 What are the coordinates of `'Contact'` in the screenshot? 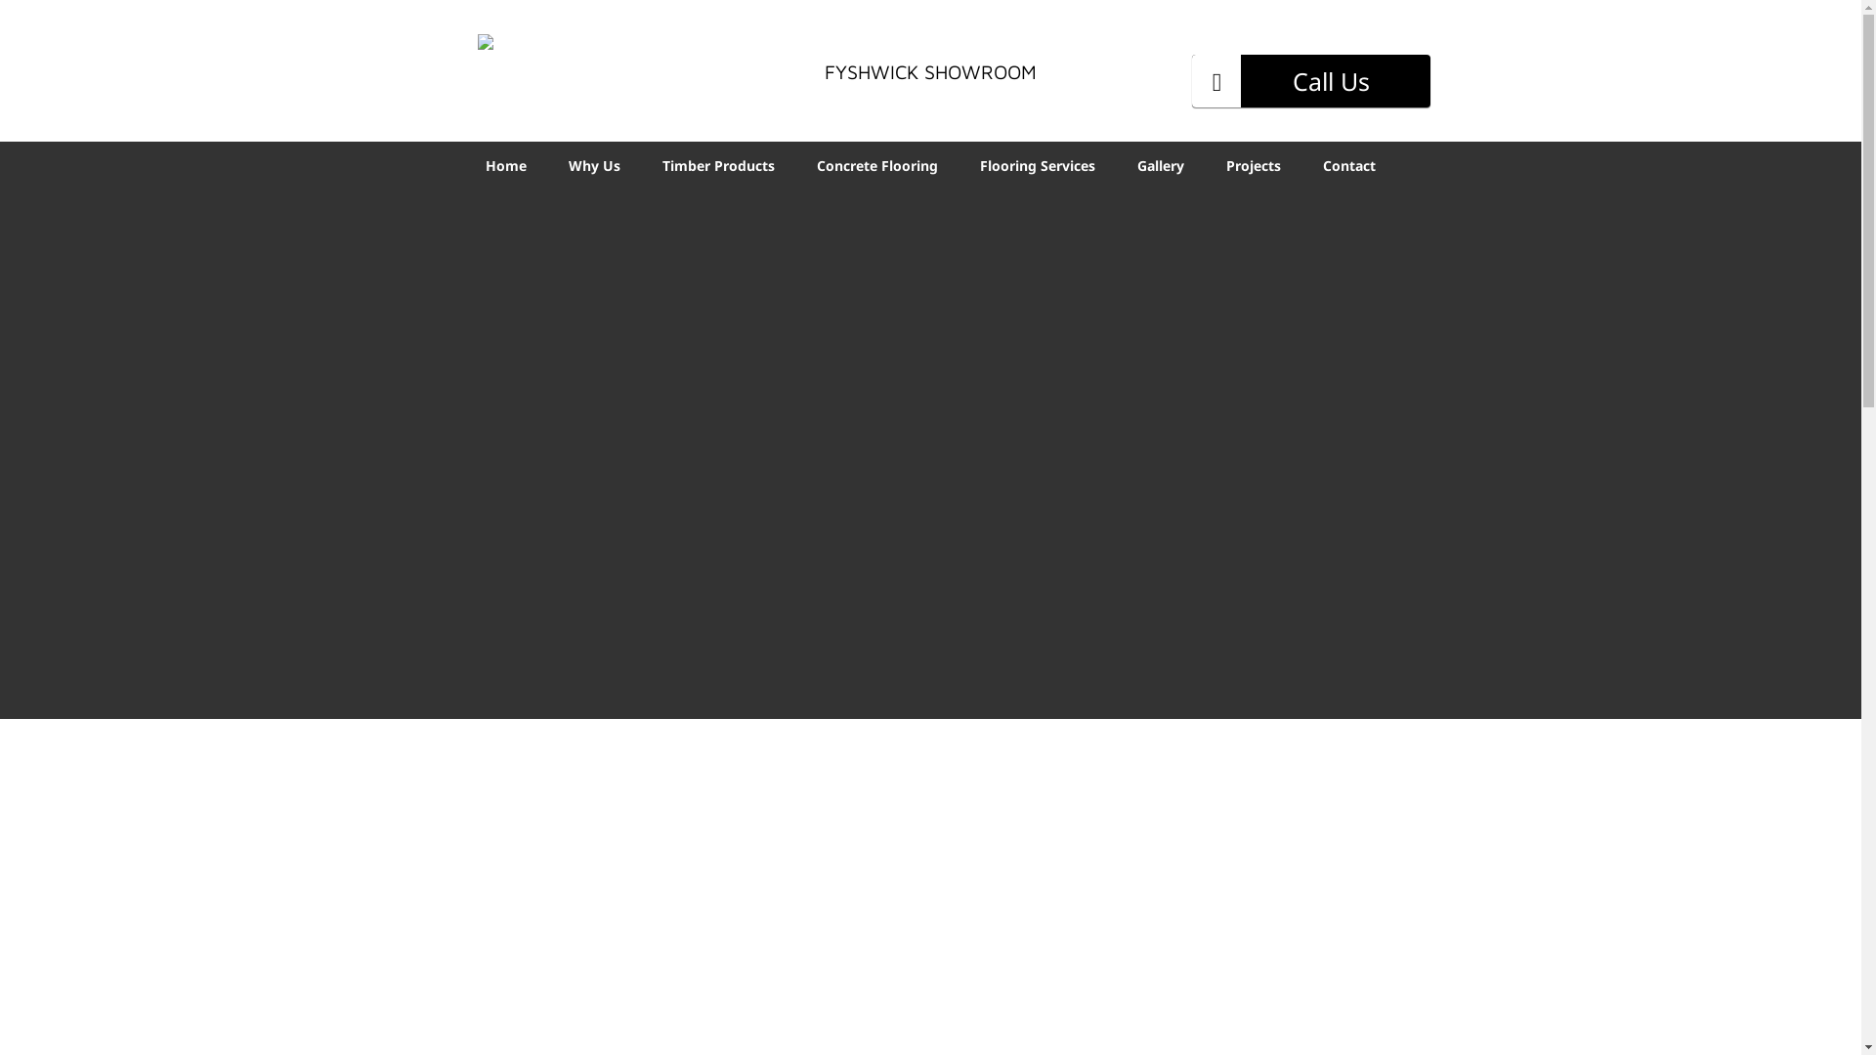 It's located at (1348, 163).